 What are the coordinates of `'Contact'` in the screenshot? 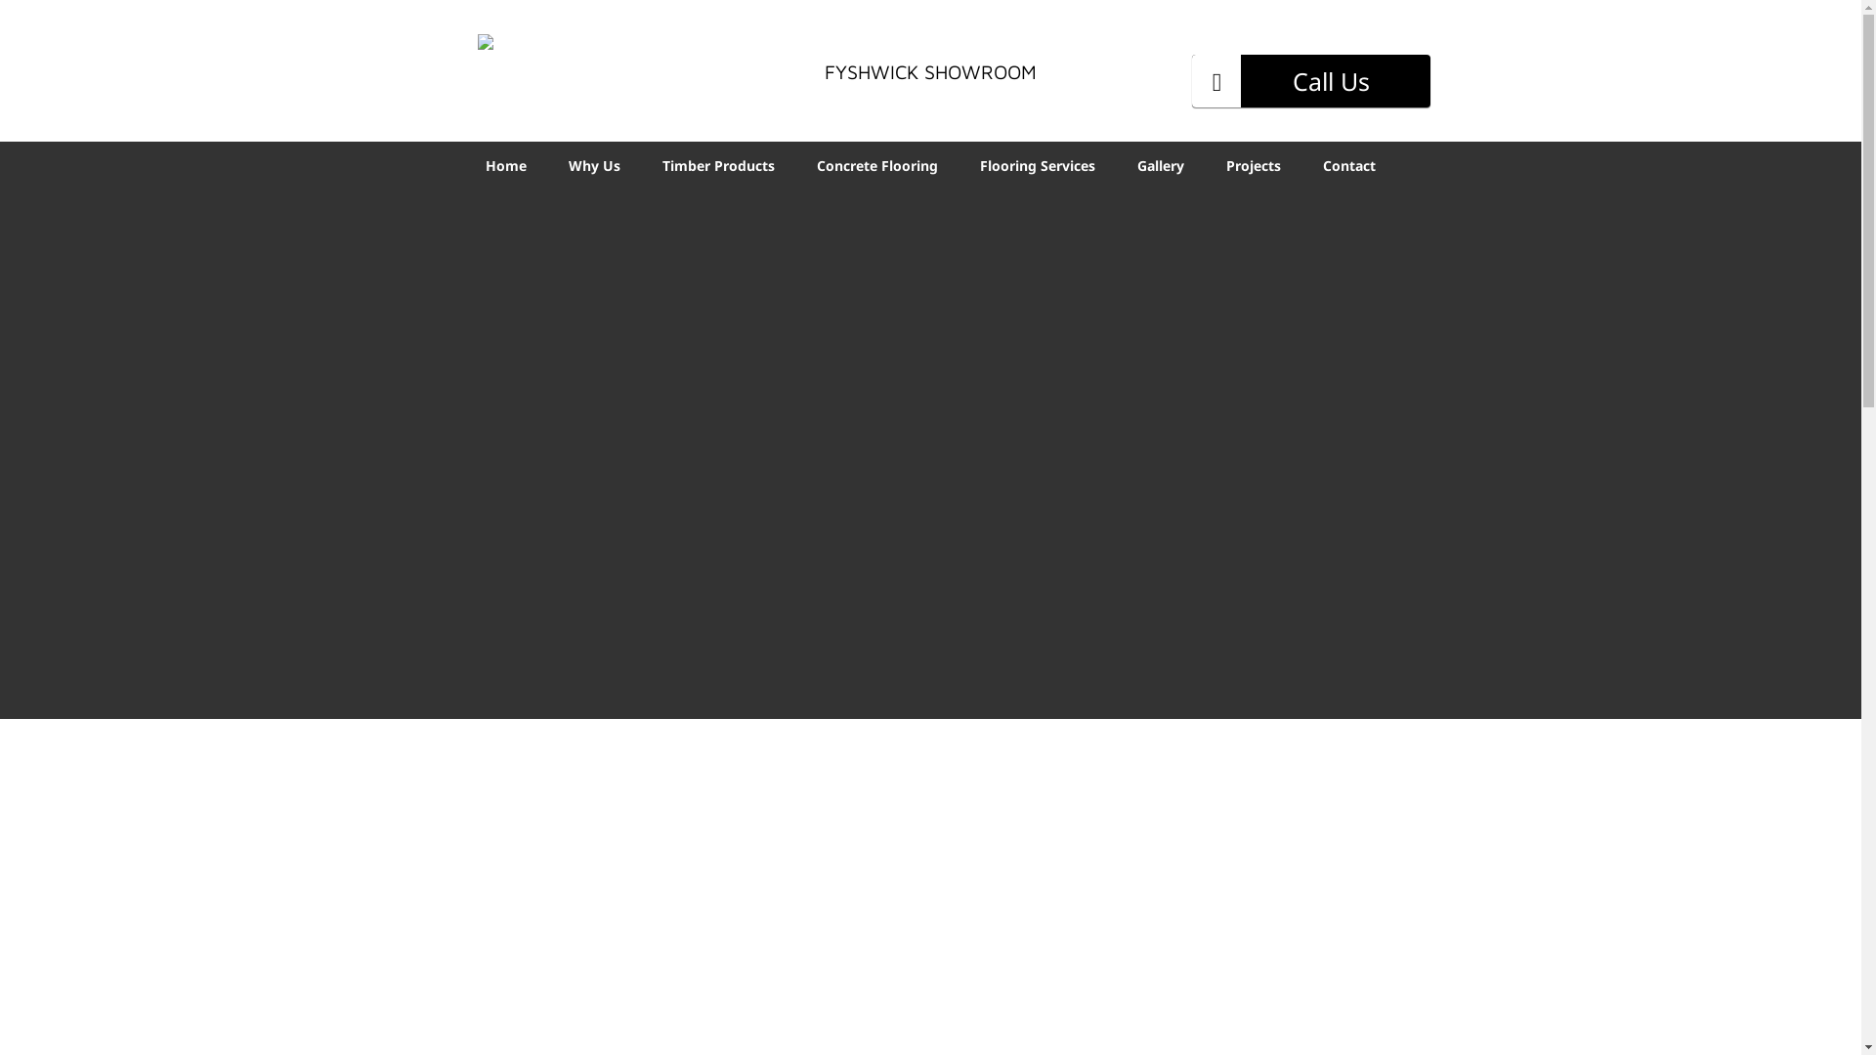 It's located at (1348, 163).